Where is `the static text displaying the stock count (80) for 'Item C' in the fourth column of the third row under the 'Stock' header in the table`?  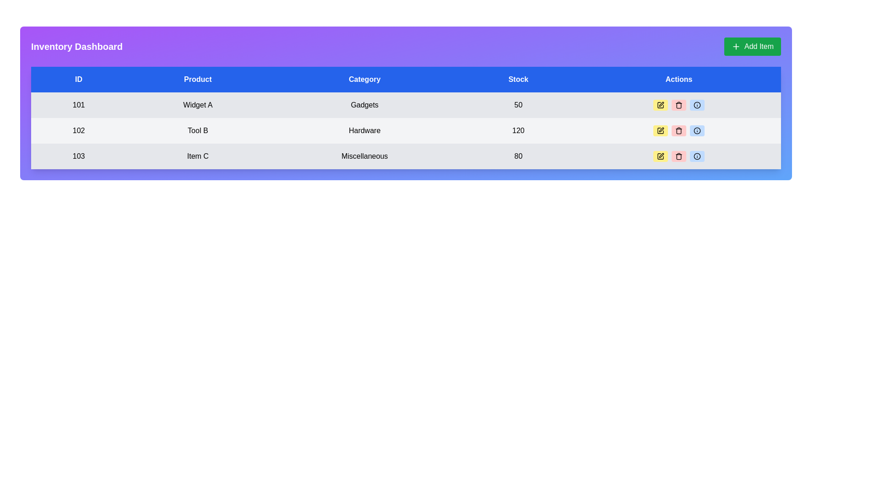
the static text displaying the stock count (80) for 'Item C' in the fourth column of the third row under the 'Stock' header in the table is located at coordinates (518, 156).